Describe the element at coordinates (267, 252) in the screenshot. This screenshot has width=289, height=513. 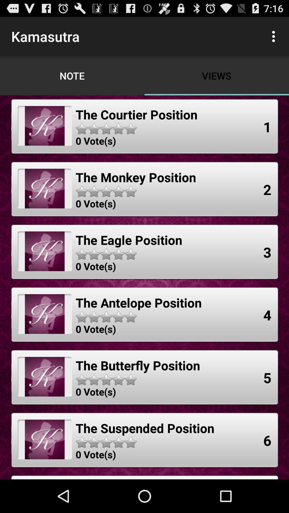
I see `the 3 item` at that location.